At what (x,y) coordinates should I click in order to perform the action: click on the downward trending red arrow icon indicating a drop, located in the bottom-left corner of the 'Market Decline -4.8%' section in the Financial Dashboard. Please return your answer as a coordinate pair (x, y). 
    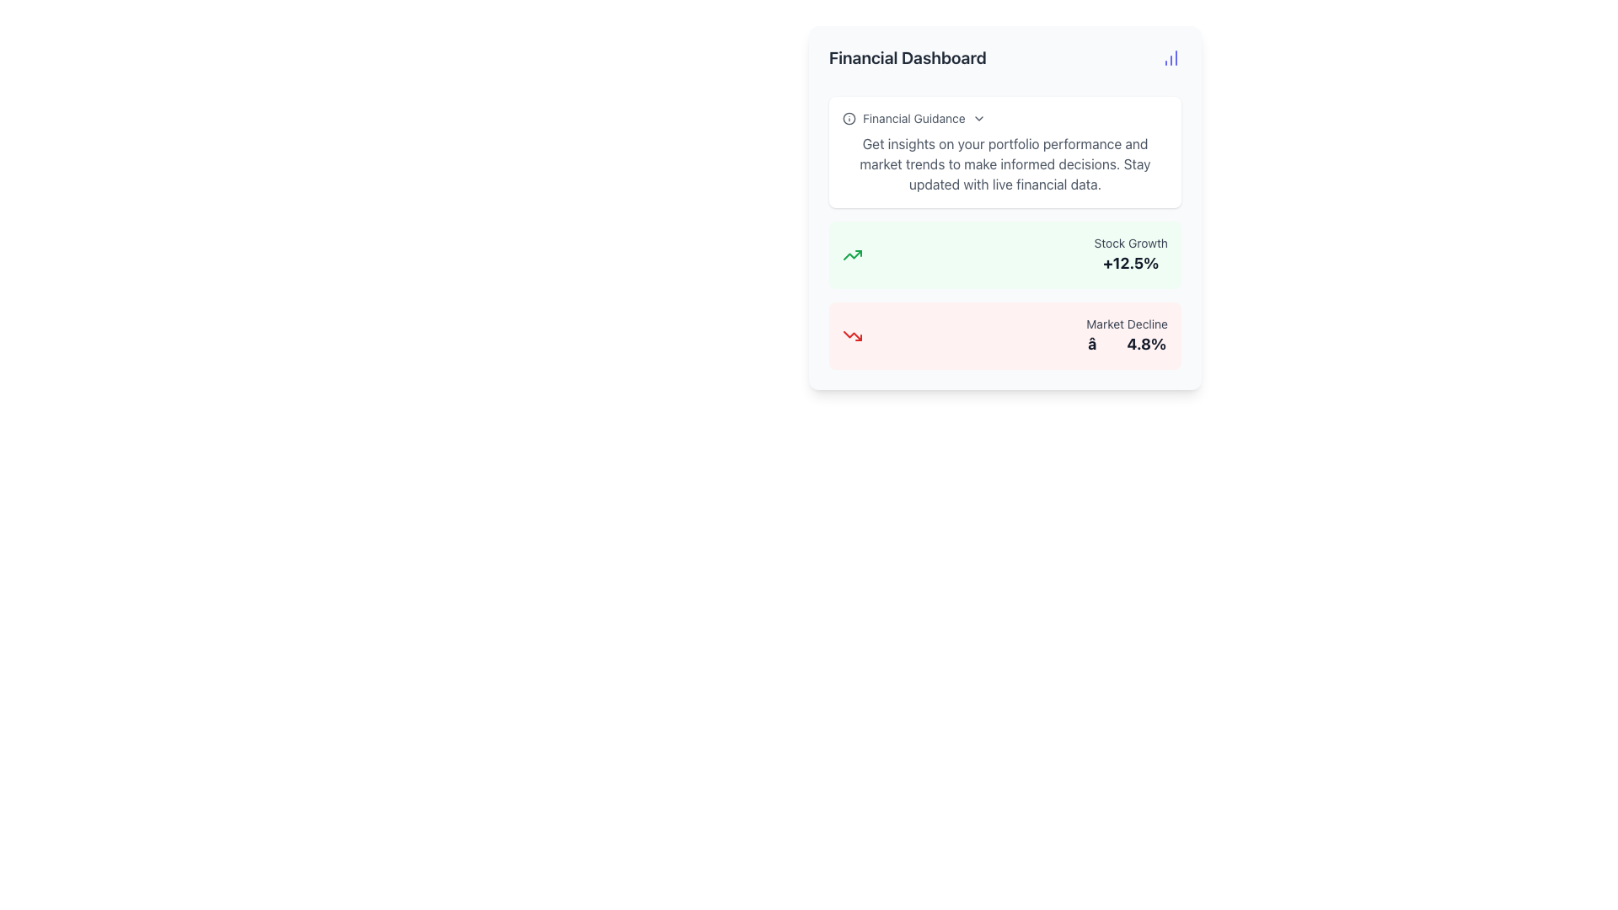
    Looking at the image, I should click on (853, 335).